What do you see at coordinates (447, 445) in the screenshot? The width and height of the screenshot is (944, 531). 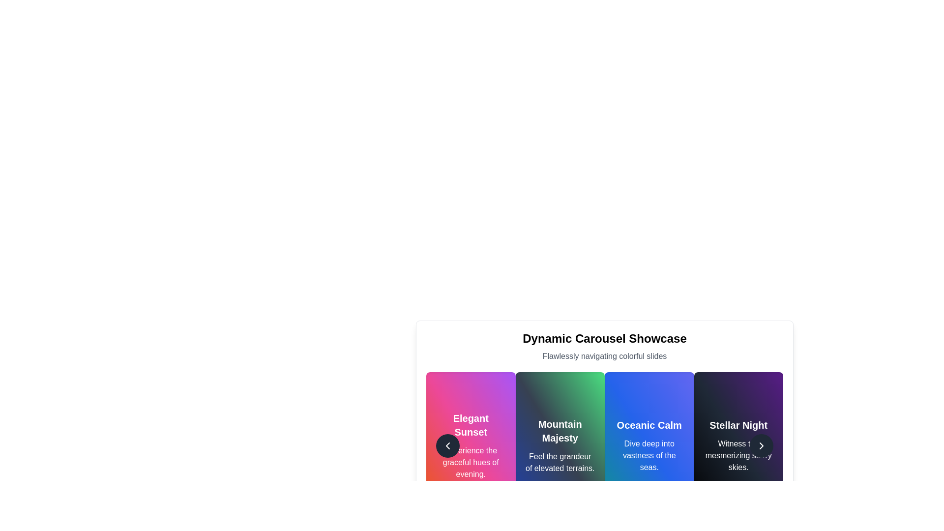 I see `the circular button with a dark gray background and a white left-pointing chevron` at bounding box center [447, 445].